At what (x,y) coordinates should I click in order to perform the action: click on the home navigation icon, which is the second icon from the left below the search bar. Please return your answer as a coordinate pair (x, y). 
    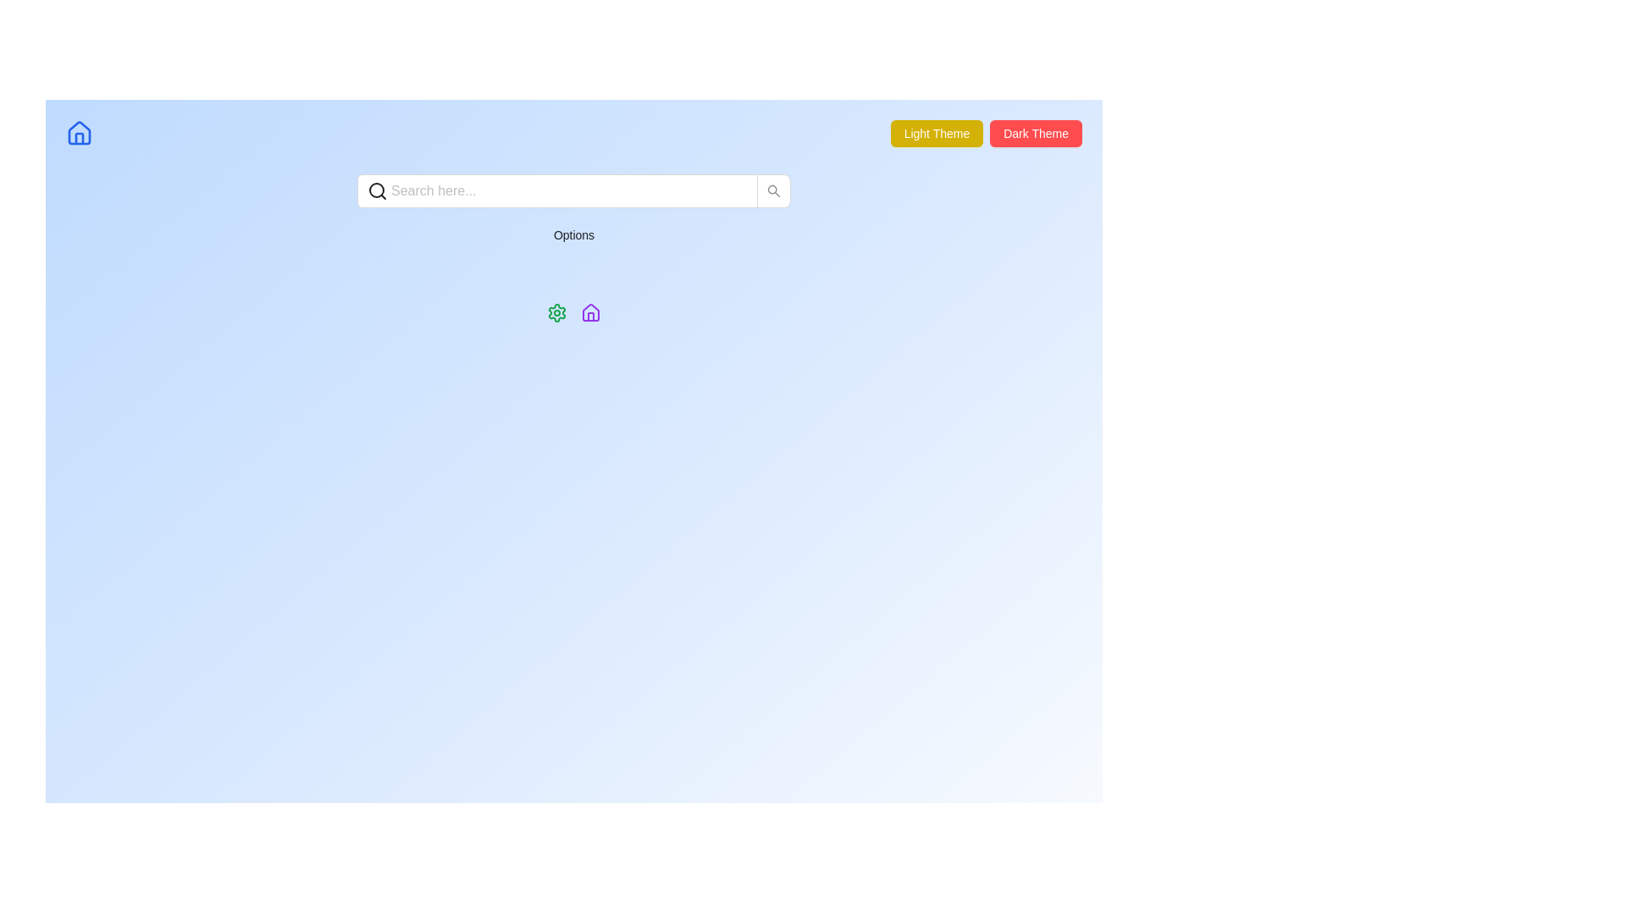
    Looking at the image, I should click on (590, 313).